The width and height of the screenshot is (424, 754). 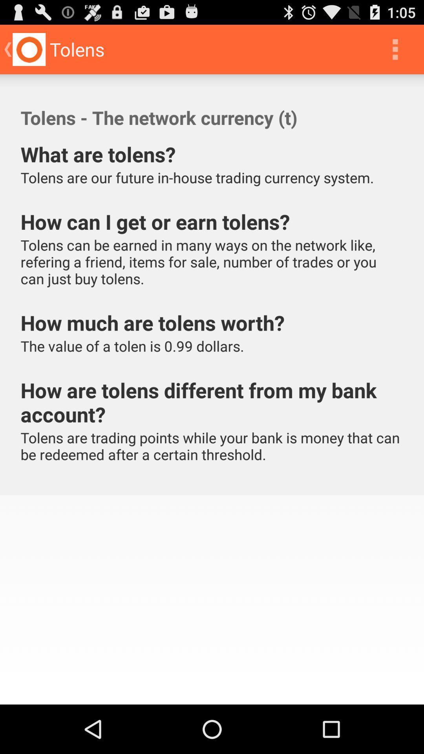 I want to click on icon to the right of tolens, so click(x=395, y=49).